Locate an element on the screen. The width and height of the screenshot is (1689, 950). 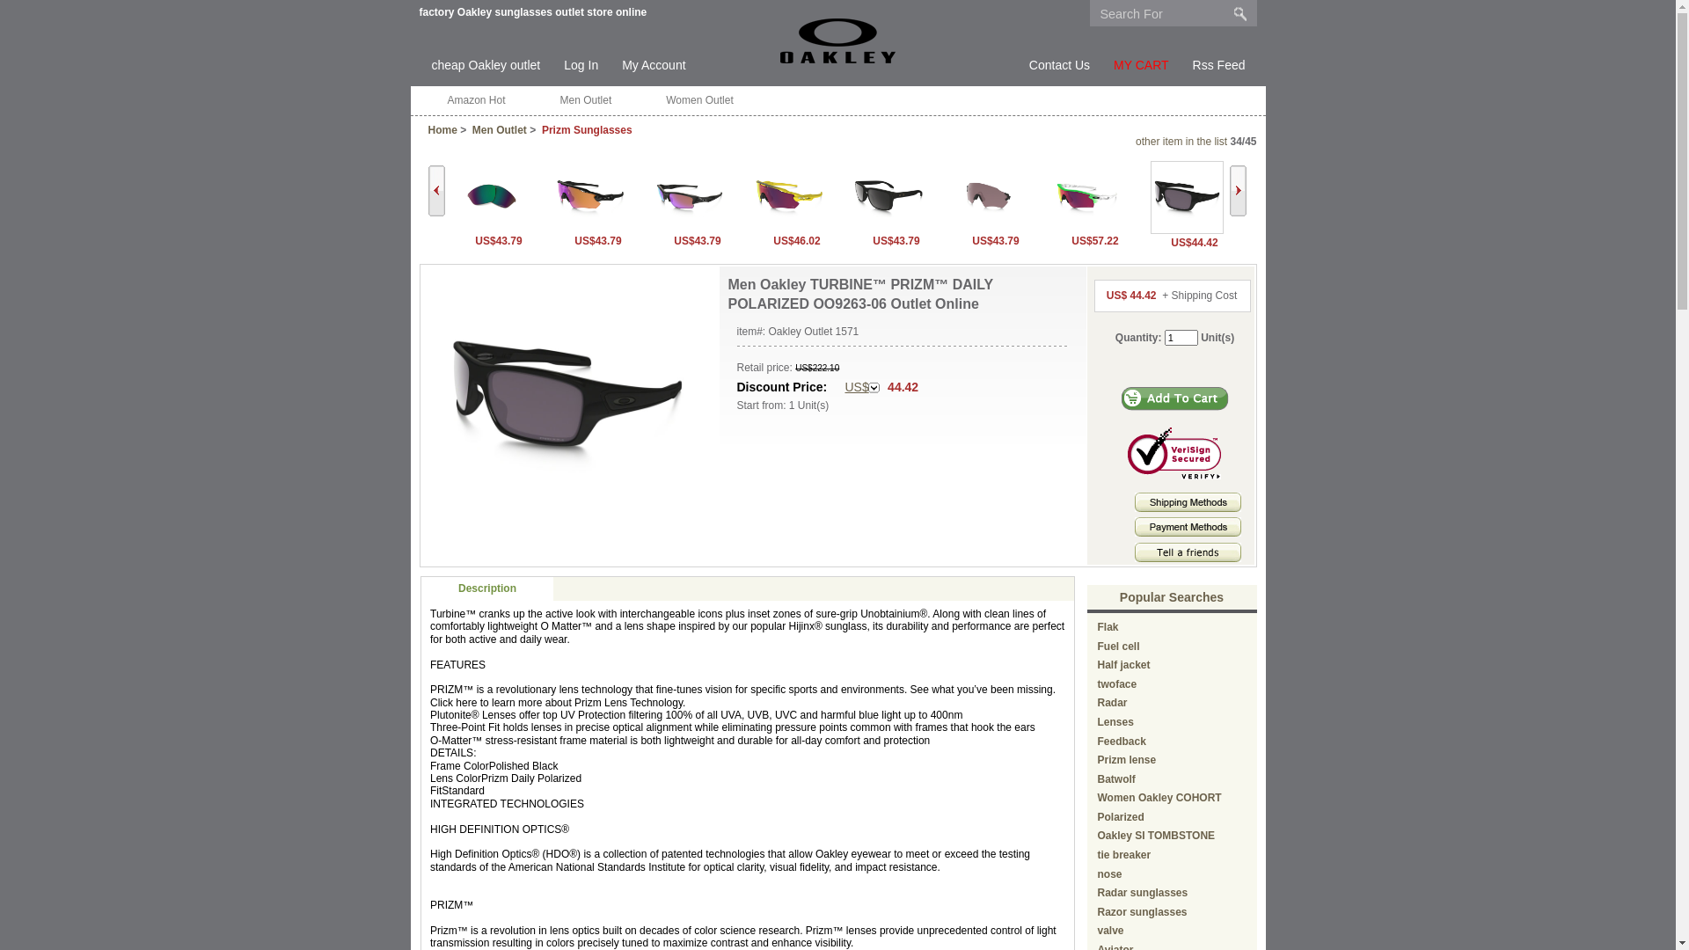
'Polarized' is located at coordinates (1120, 817).